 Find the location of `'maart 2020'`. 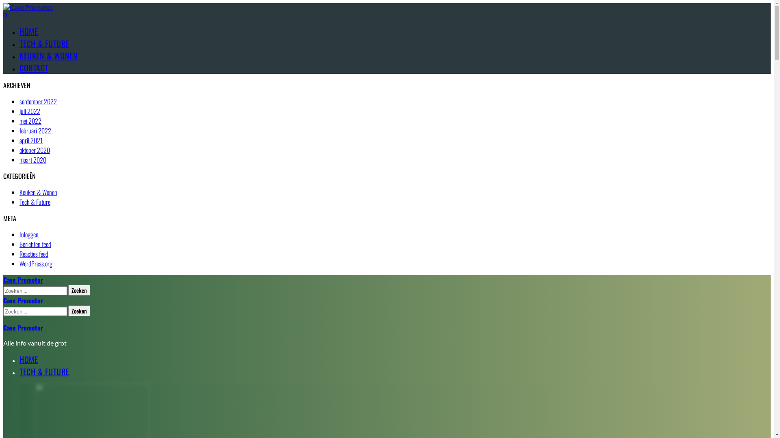

'maart 2020' is located at coordinates (32, 159).